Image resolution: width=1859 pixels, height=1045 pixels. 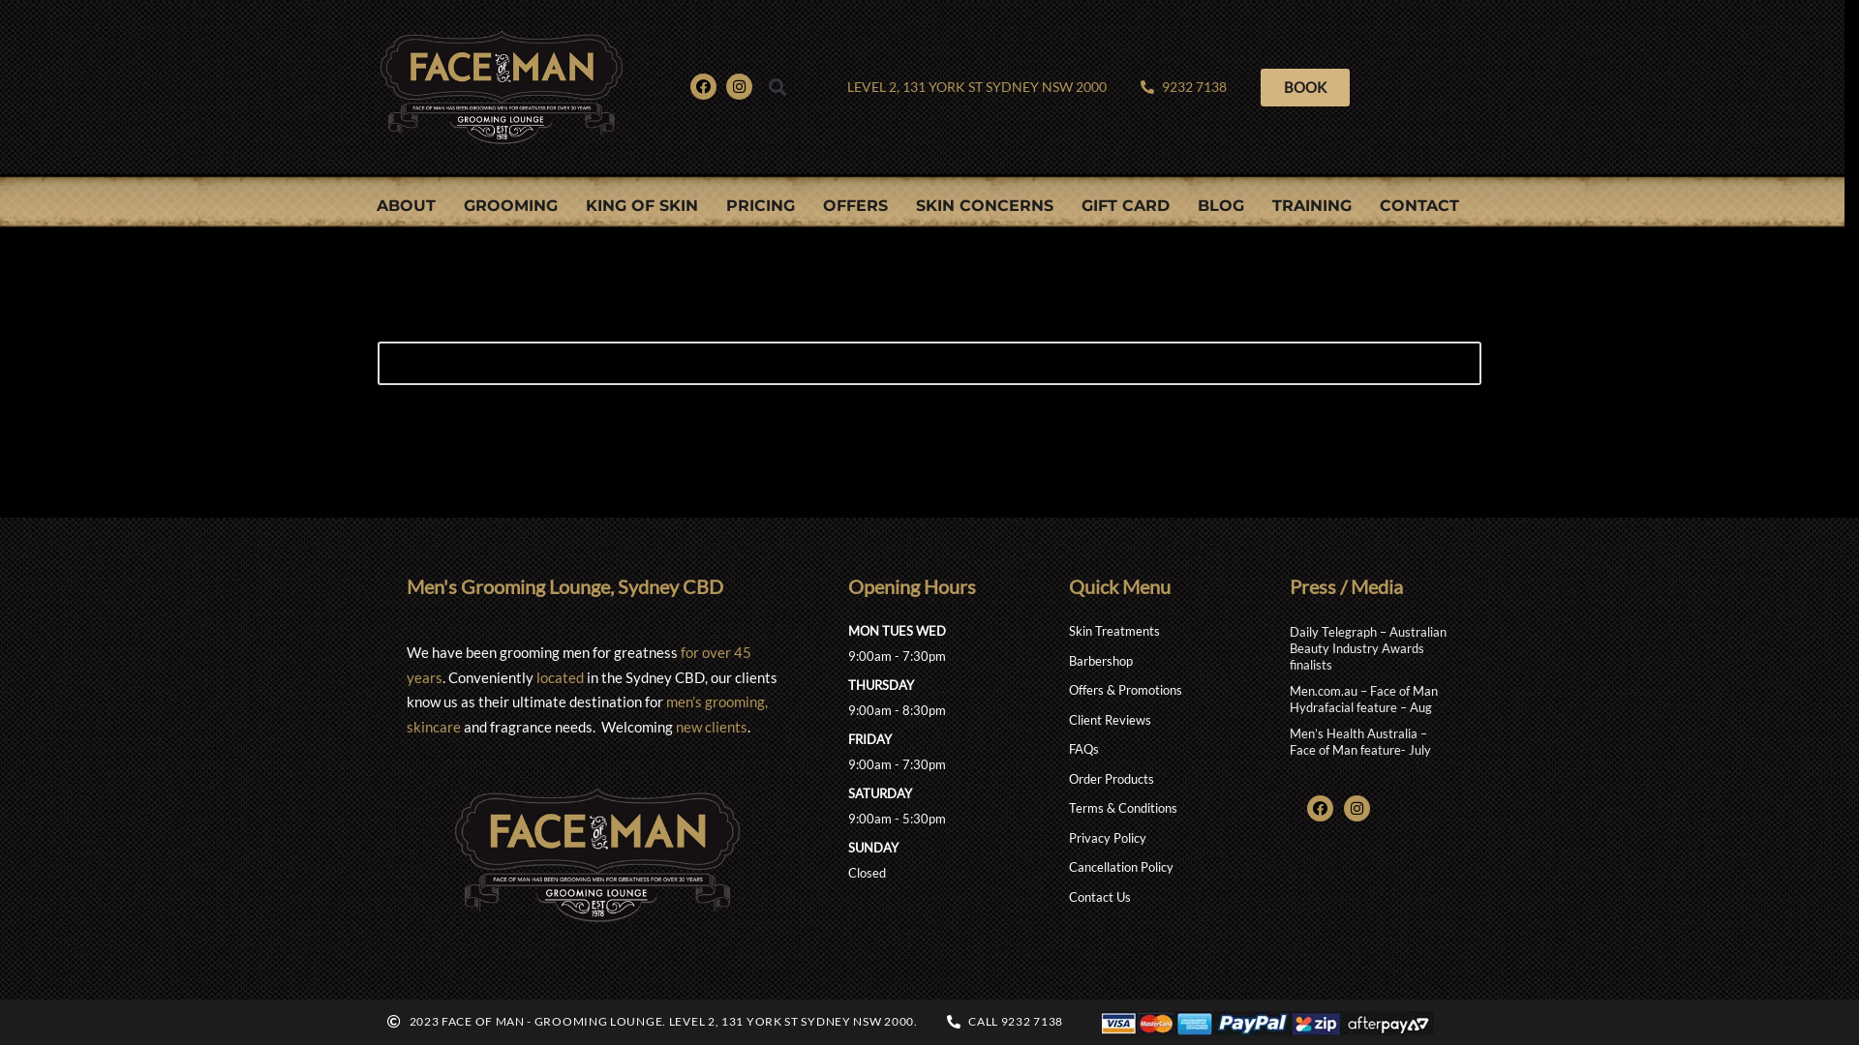 I want to click on 'FAQs', so click(x=1149, y=749).